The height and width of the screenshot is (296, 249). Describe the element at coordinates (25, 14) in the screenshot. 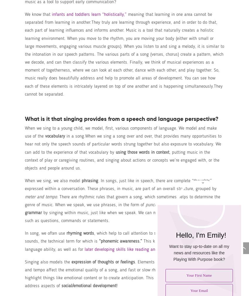

I see `'We know that'` at that location.